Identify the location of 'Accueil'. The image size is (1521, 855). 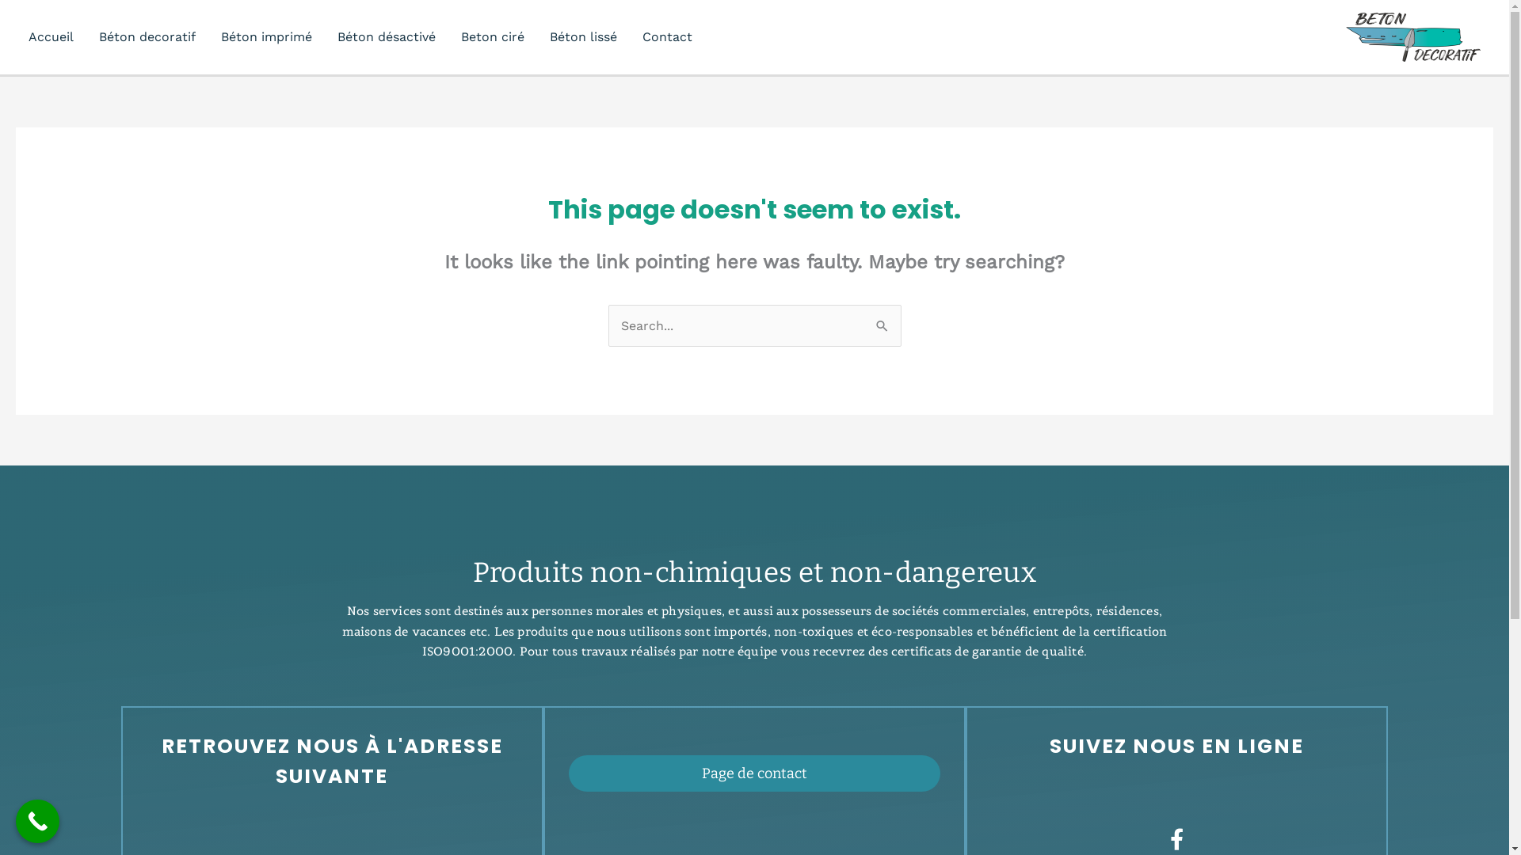
(51, 36).